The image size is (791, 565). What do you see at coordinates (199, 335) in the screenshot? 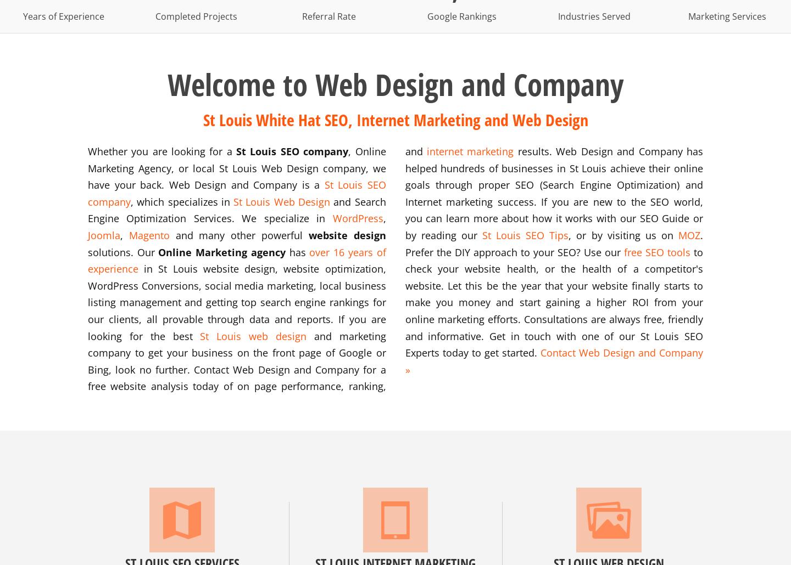
I see `'St Louis web design'` at bounding box center [199, 335].